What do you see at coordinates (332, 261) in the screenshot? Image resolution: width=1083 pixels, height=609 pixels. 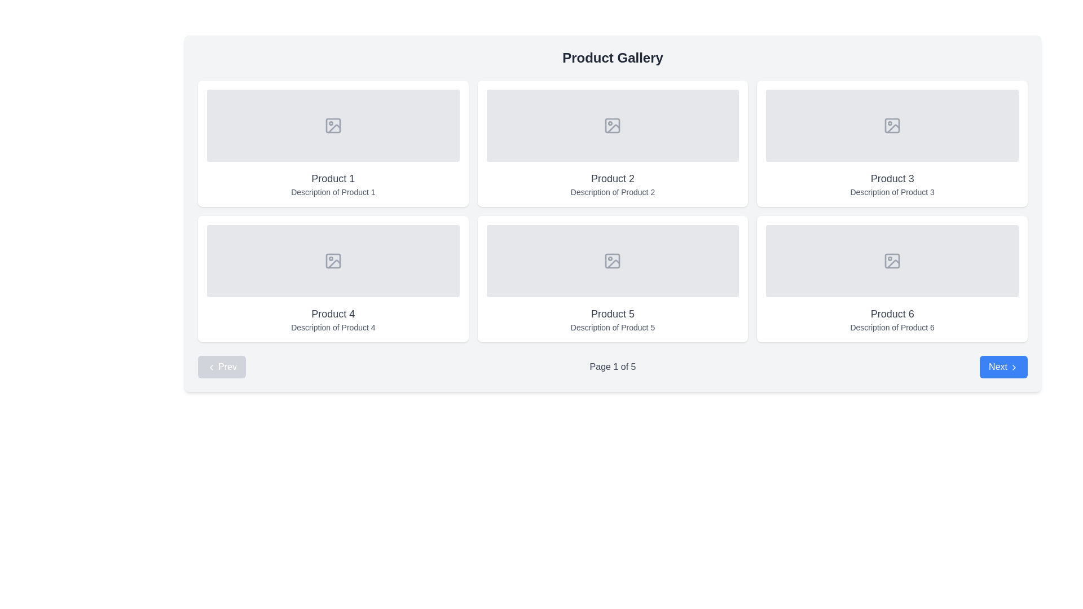 I see `the icon depicting an image placeholder with a mountain silhouette and a circular sun or moon, located in the second row, first column of the grid under 'Product 4 Description of Product 4'` at bounding box center [332, 261].